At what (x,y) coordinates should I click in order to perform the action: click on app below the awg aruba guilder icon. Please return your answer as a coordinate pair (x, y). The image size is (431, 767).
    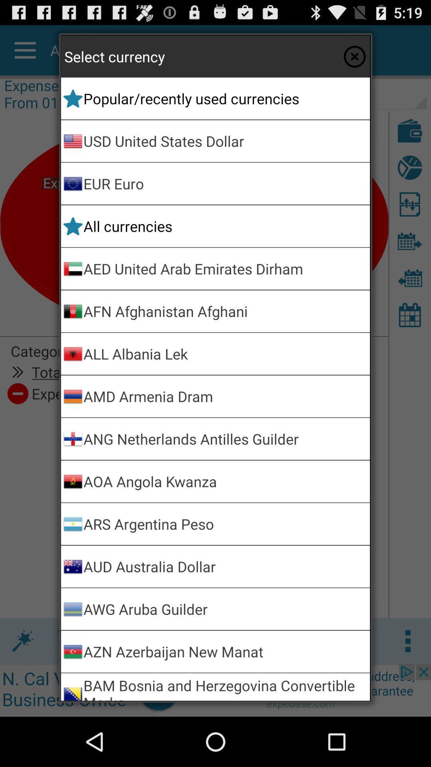
    Looking at the image, I should click on (225, 652).